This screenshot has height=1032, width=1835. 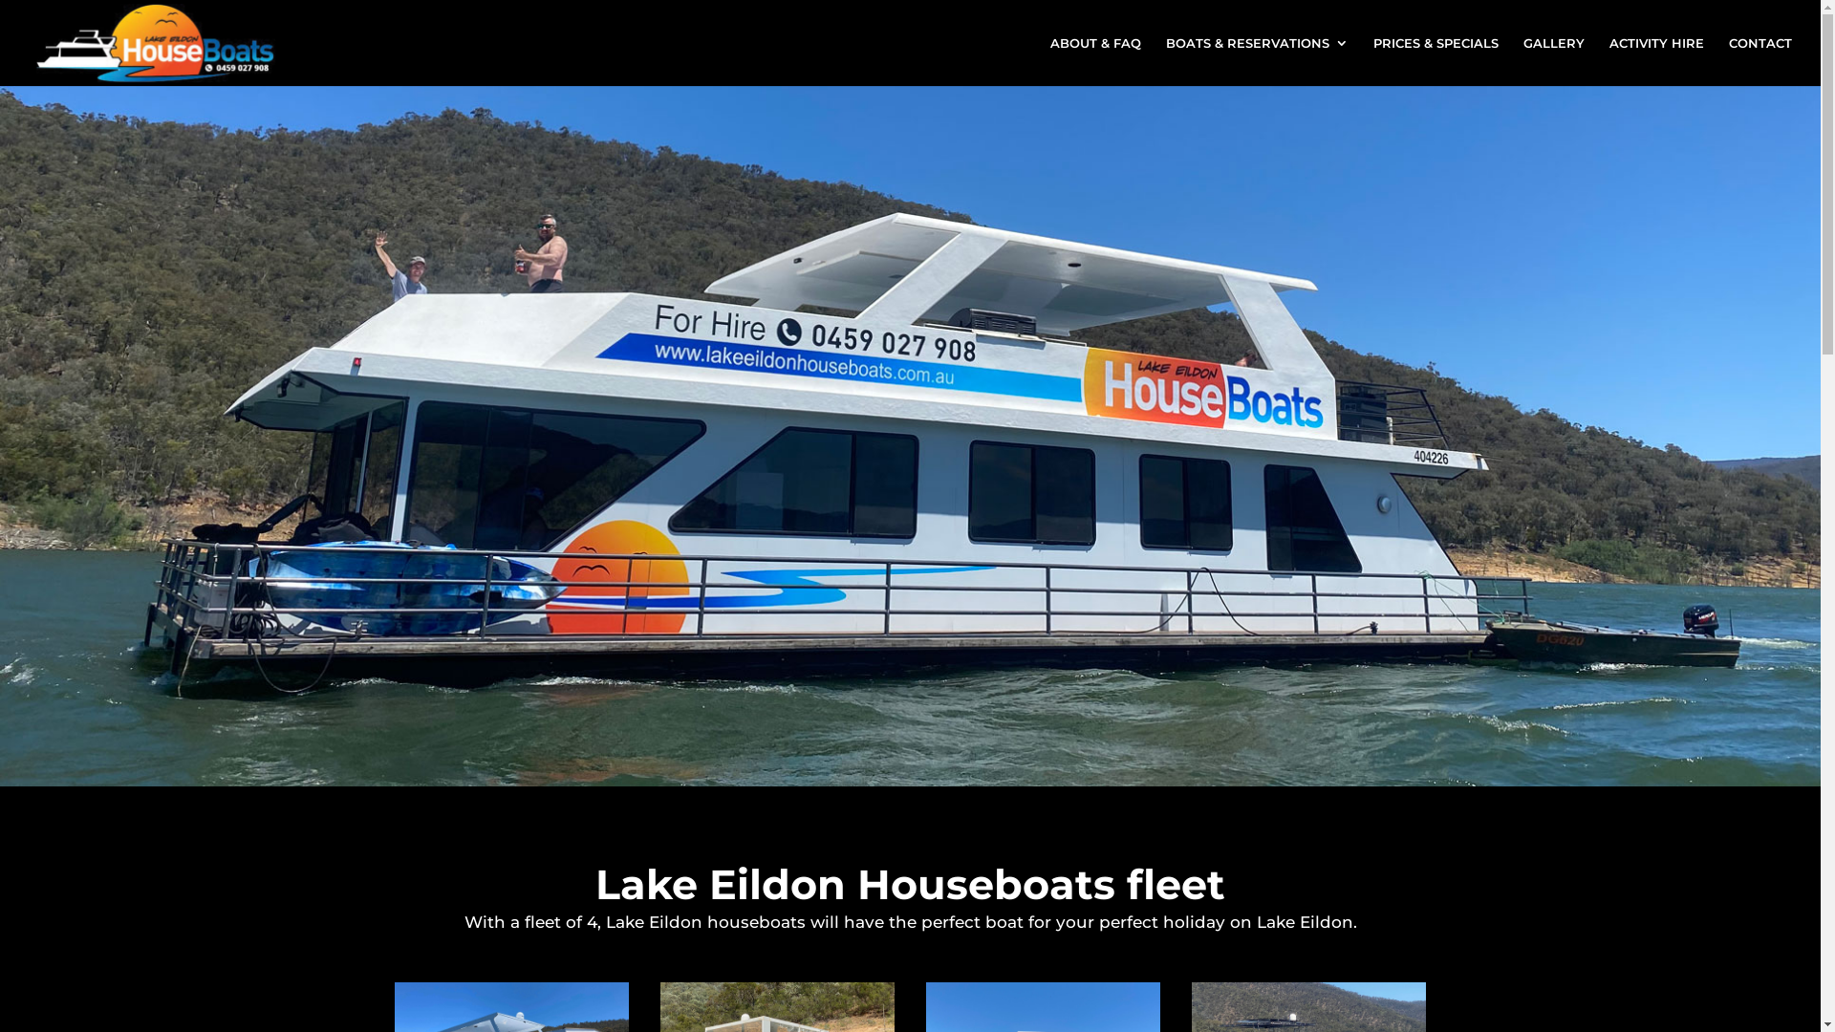 I want to click on 'BOATS & RESERVATIONS', so click(x=1257, y=60).